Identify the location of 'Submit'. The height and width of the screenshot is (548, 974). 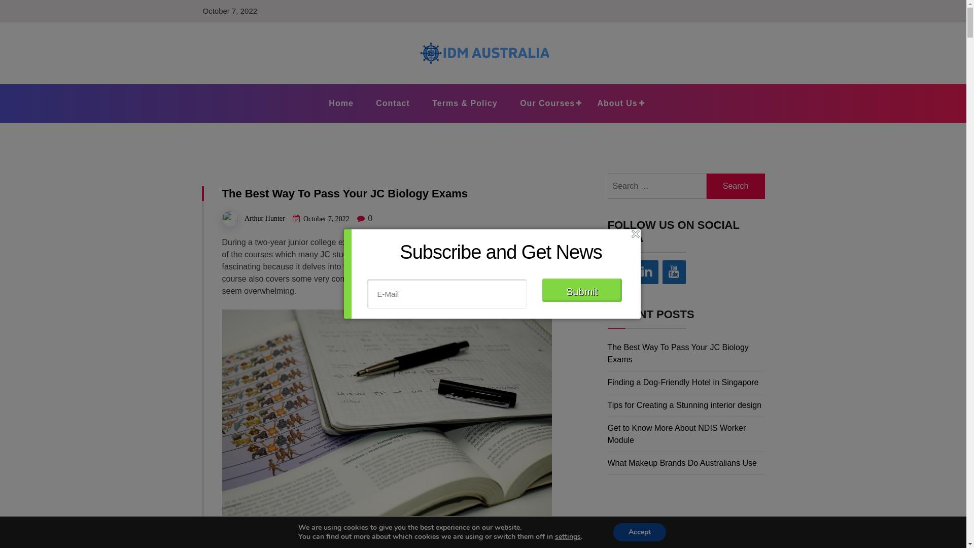
(581, 290).